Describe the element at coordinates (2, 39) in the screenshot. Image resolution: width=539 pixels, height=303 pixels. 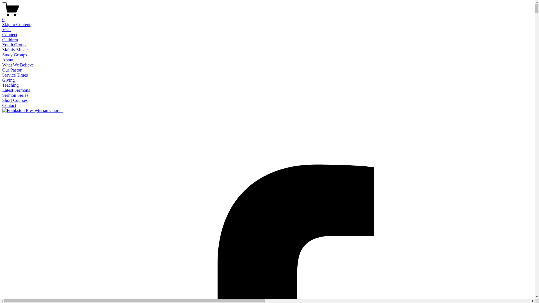
I see `'Children'` at that location.